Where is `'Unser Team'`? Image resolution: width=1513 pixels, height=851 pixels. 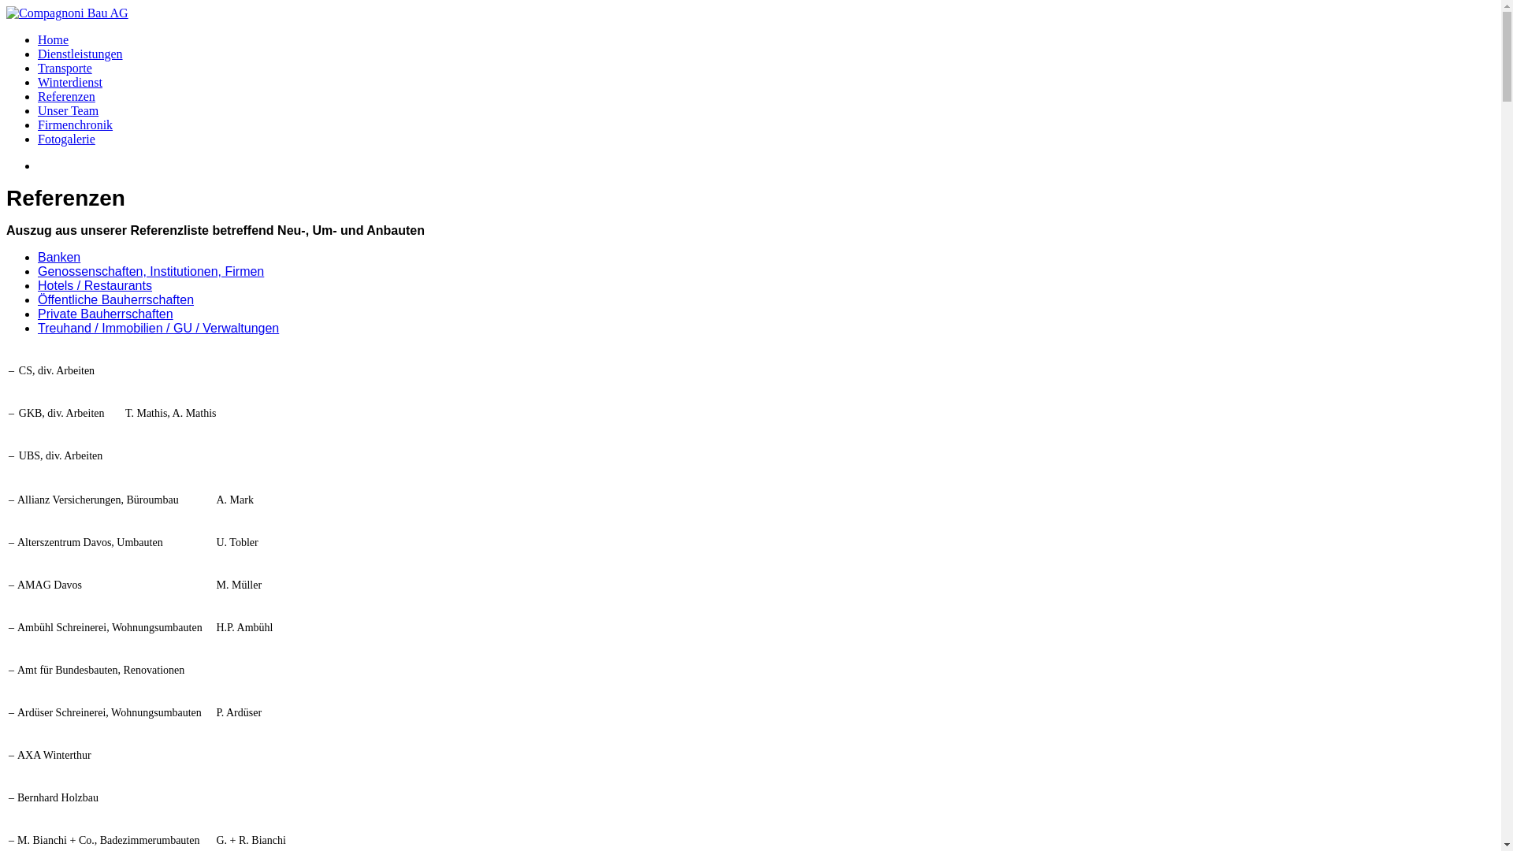 'Unser Team' is located at coordinates (67, 110).